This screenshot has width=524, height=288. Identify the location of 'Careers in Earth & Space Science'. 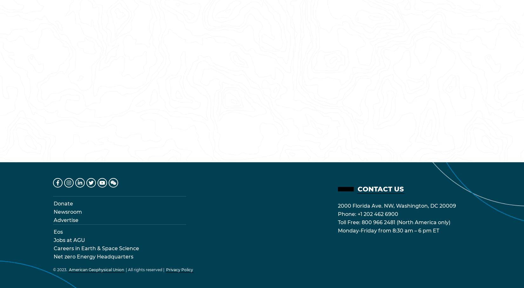
(96, 248).